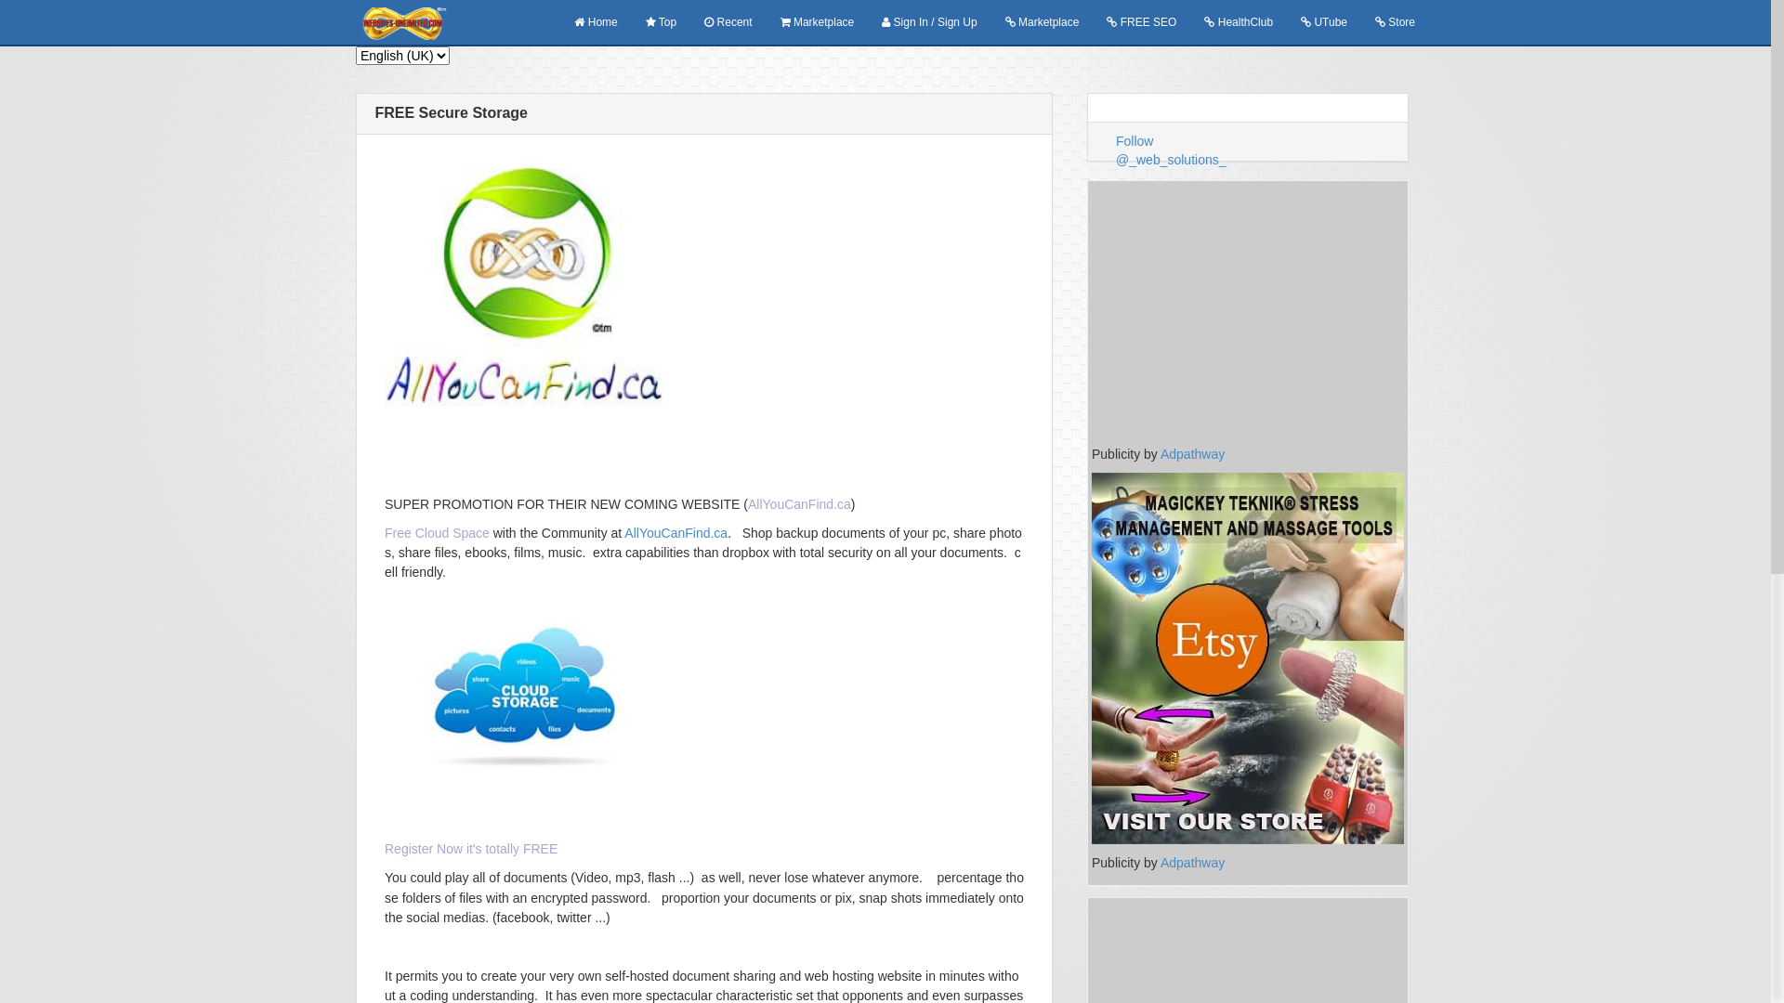 The width and height of the screenshot is (1784, 1003). What do you see at coordinates (817, 21) in the screenshot?
I see `'Marketplace'` at bounding box center [817, 21].